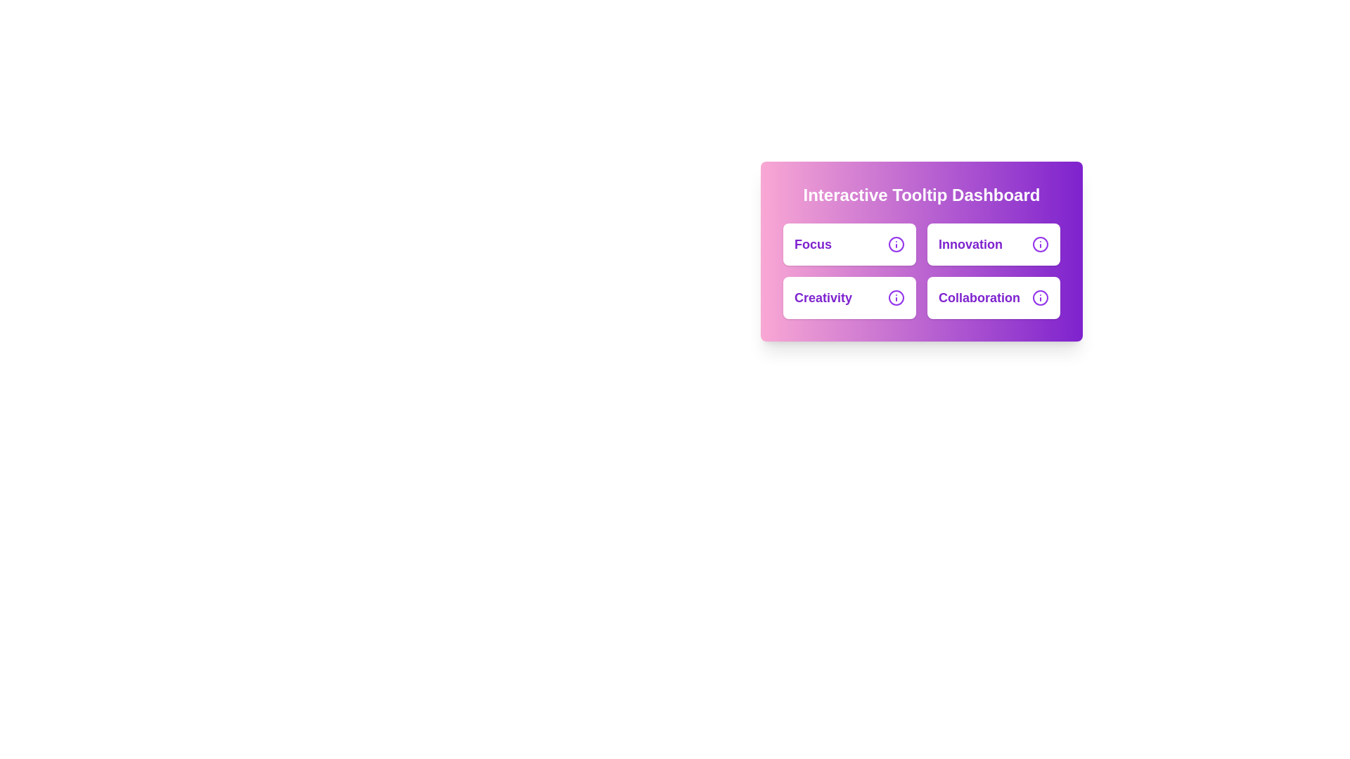 Image resolution: width=1350 pixels, height=759 pixels. I want to click on Icon element, which is a circular SVG component located at the center of the 'Focus' button in the top-left quadrant of the dashboard panel, so click(896, 243).